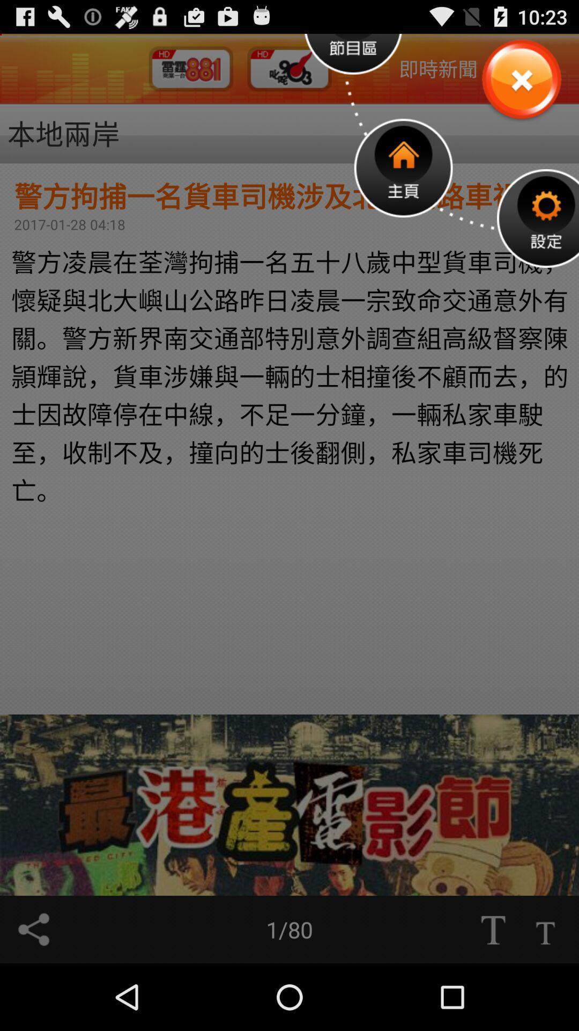 Image resolution: width=579 pixels, height=1031 pixels. Describe the element at coordinates (545, 994) in the screenshot. I see `the font icon` at that location.